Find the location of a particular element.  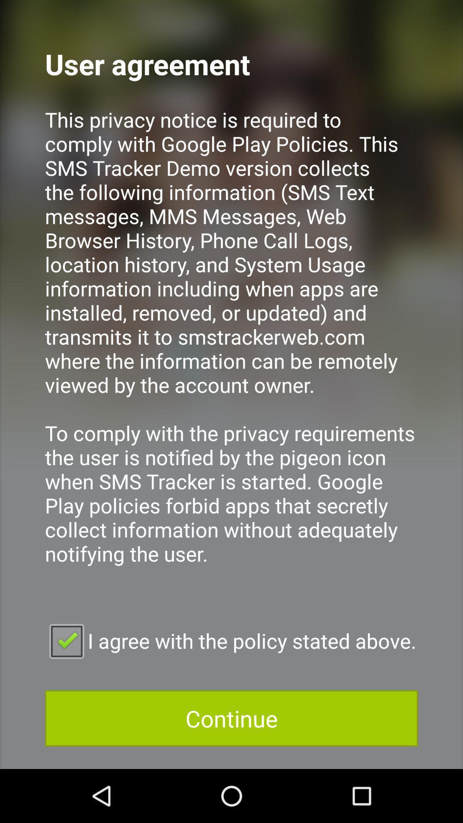

the i agree with is located at coordinates (231, 640).